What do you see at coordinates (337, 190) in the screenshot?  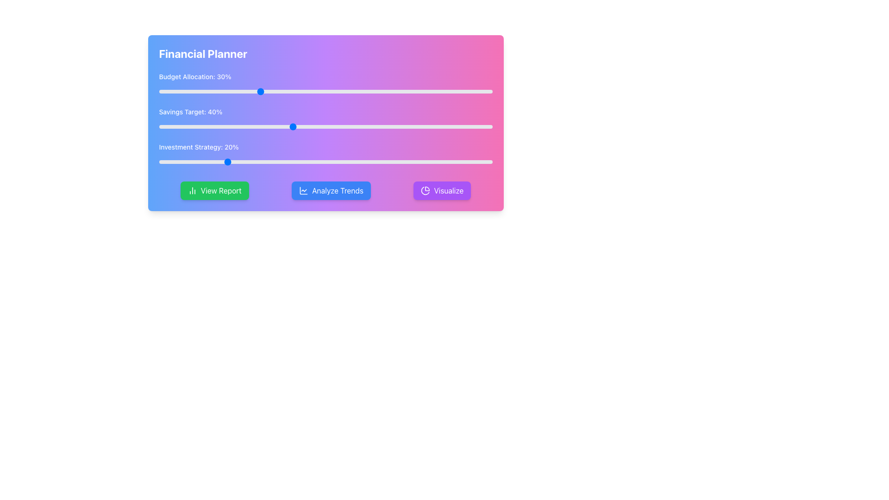 I see `the 'Analyze Trends' text, which is part of a blue button with a rounded rectangle shape and a chart icon on the left side, located at the bottom center of the card interface` at bounding box center [337, 190].